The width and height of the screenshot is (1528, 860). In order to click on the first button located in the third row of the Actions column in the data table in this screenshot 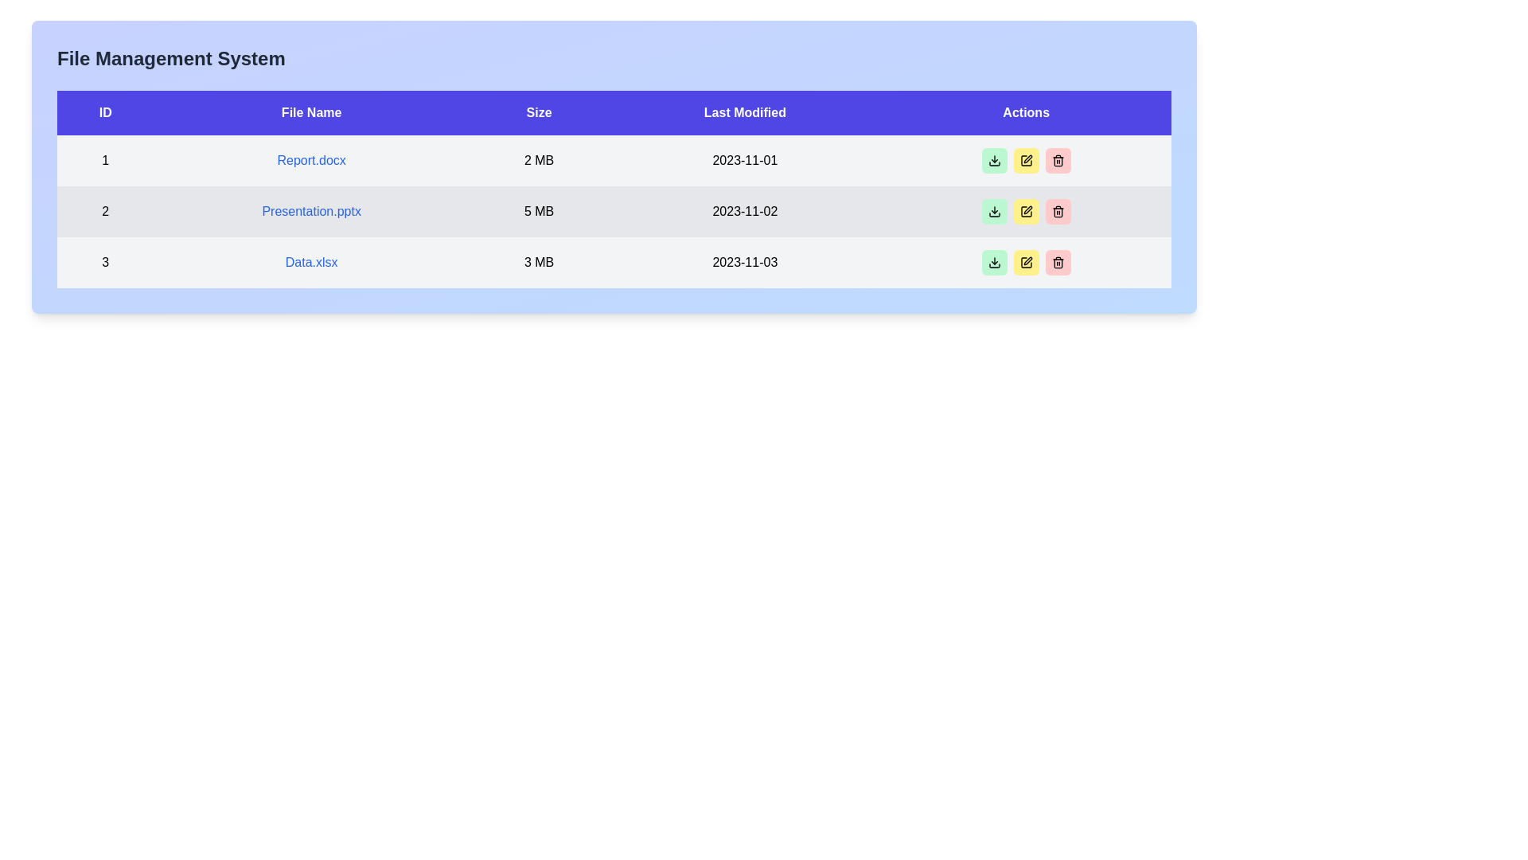, I will do `click(993, 262)`.